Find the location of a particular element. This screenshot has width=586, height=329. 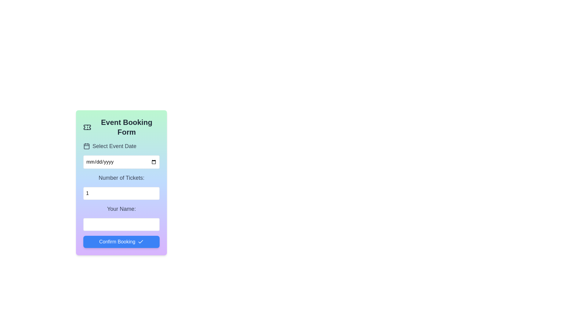

the calendar icon, which is a minimalistic gray square with a double line at the top, located to the left of the 'Select Event Date' text in the 'Event Booking Form' section is located at coordinates (86, 146).